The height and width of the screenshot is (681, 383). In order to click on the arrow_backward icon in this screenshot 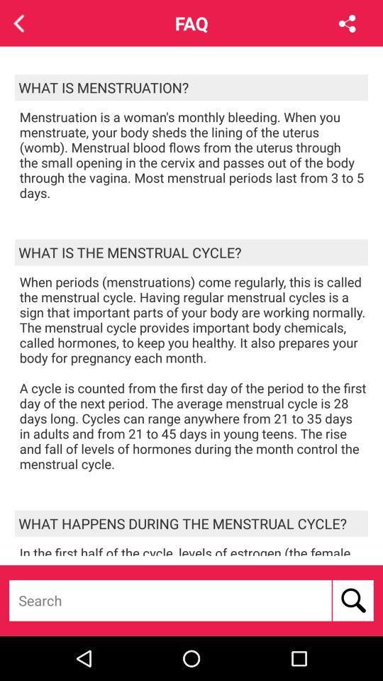, I will do `click(20, 24)`.